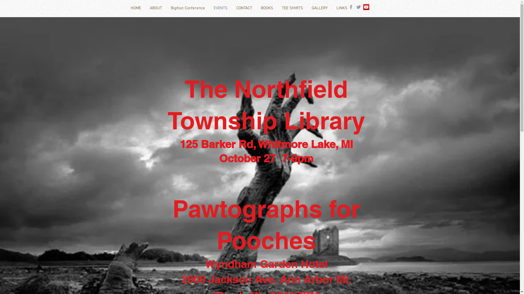  I want to click on 'EVENTS', so click(209, 8).